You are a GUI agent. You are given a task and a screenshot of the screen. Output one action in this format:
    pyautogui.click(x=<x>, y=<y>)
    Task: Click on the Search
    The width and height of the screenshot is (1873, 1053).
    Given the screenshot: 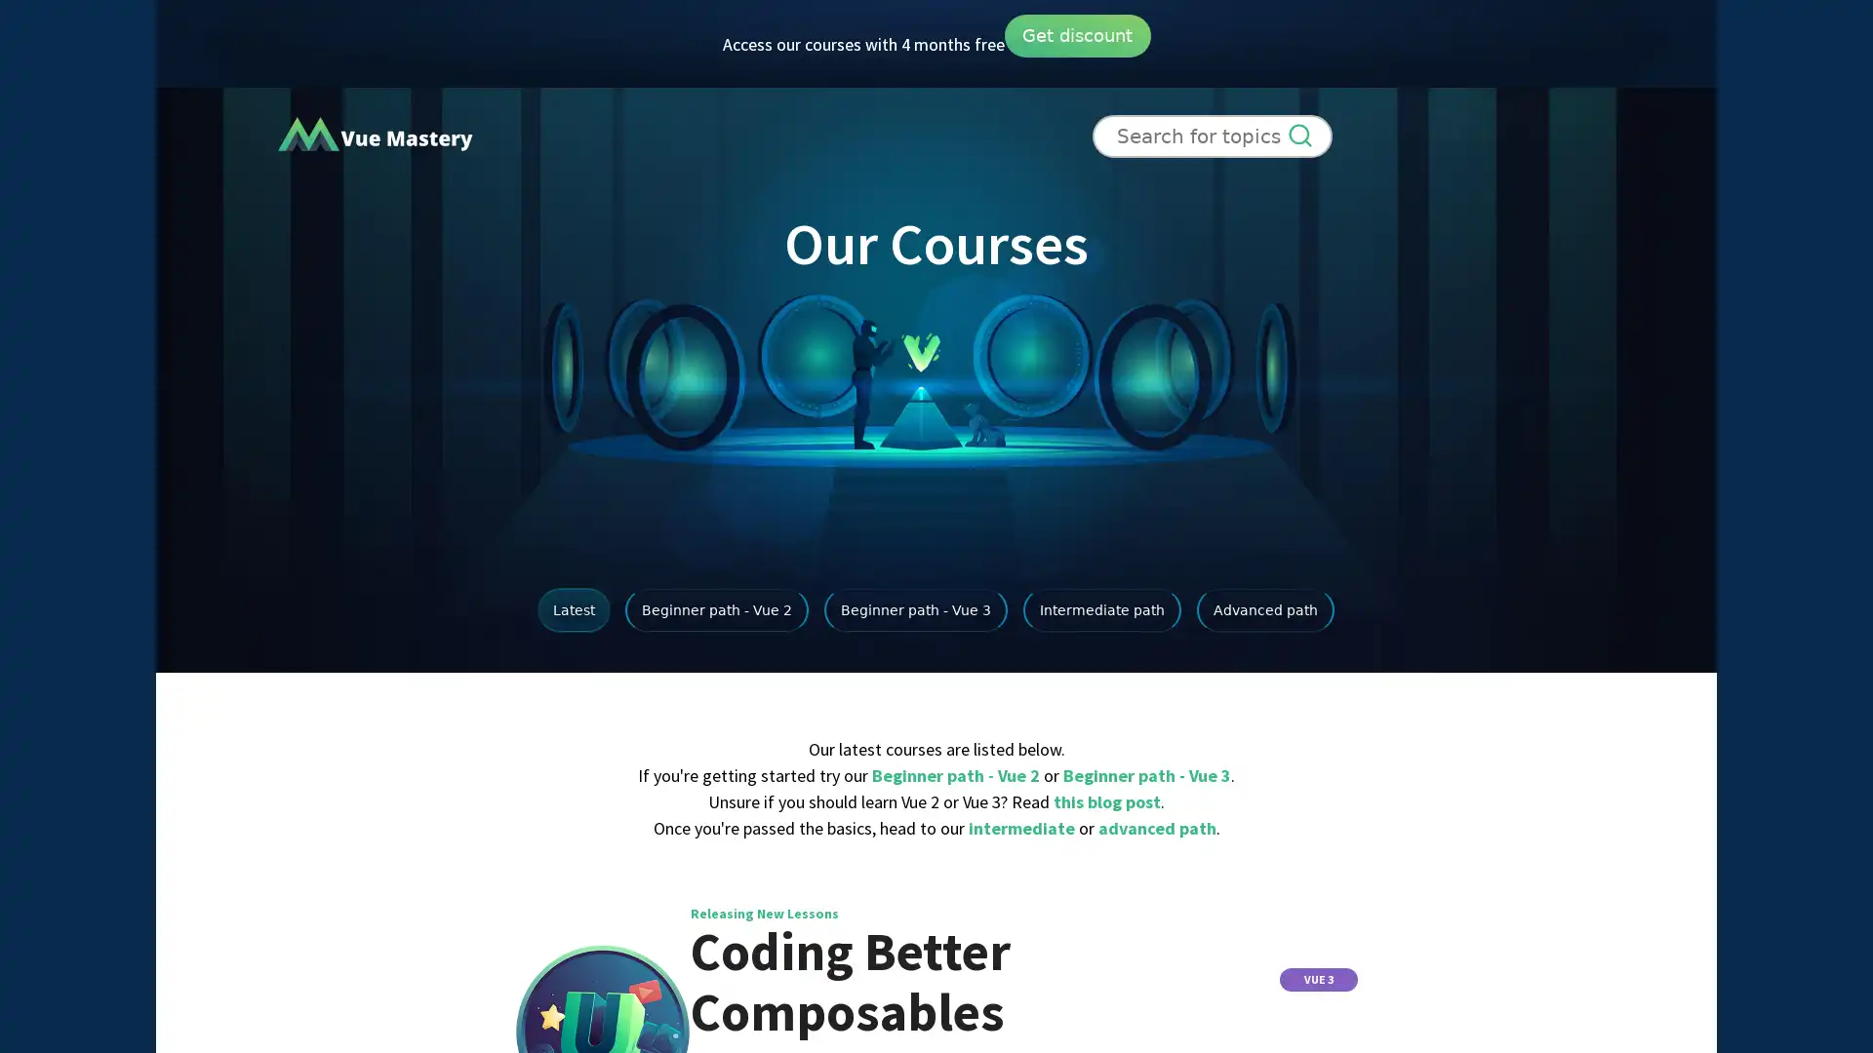 What is the action you would take?
    pyautogui.click(x=1300, y=136)
    